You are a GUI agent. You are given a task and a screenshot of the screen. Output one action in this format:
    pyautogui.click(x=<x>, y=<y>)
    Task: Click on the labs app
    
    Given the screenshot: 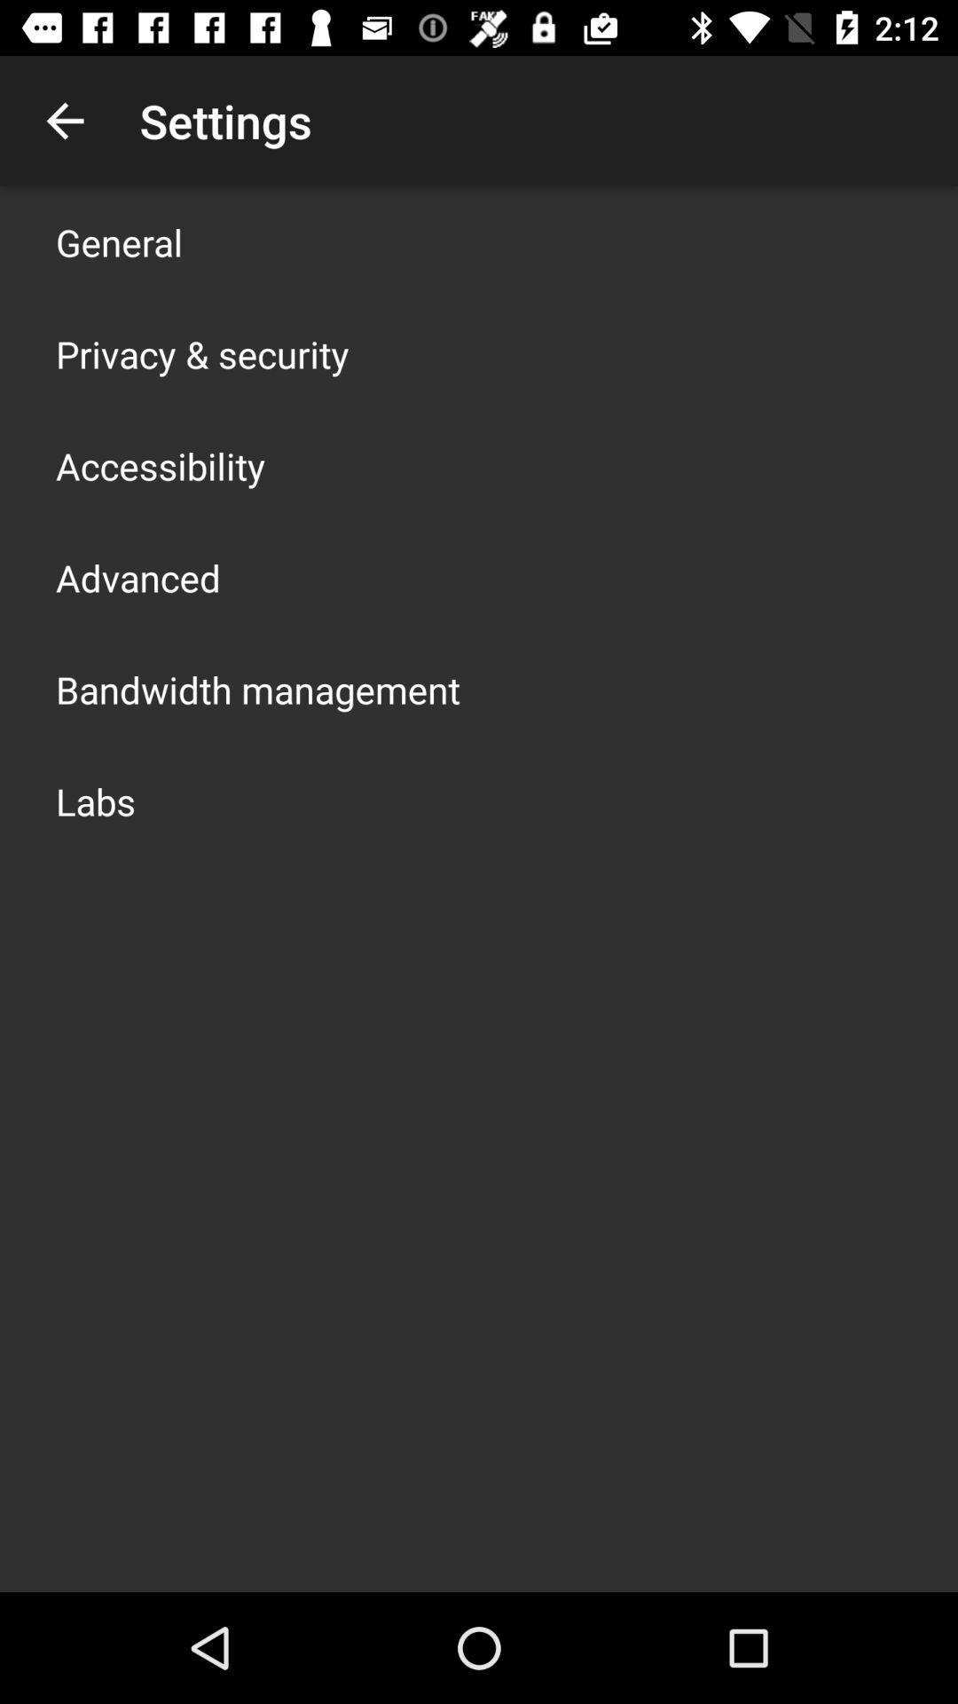 What is the action you would take?
    pyautogui.click(x=96, y=800)
    